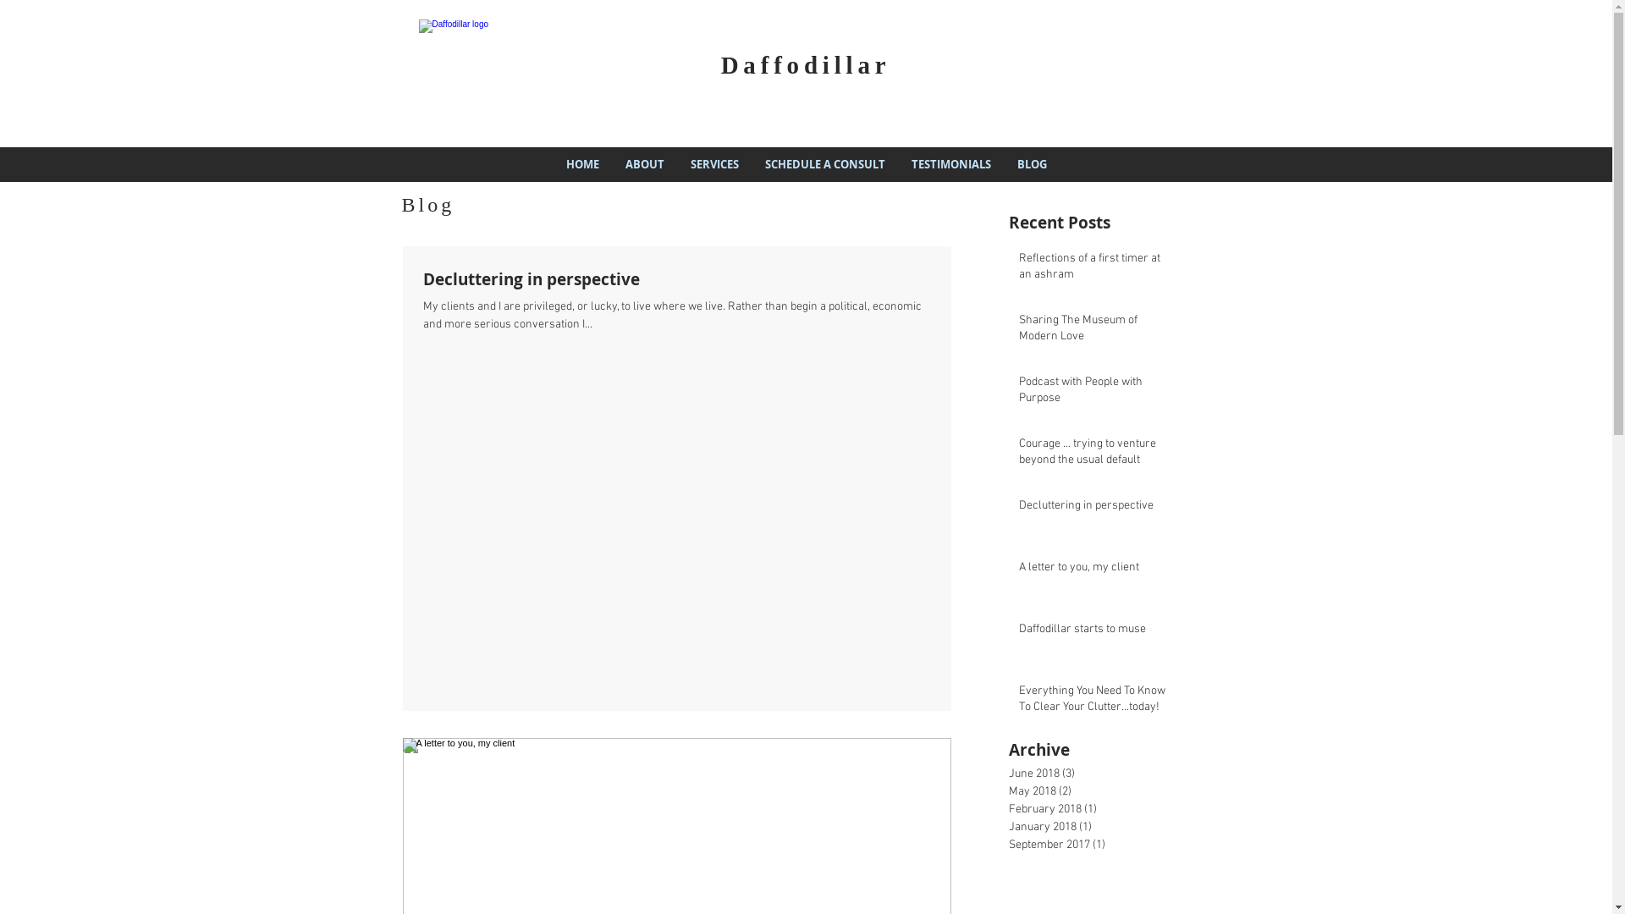  I want to click on 'January 2018 (1)', so click(1097, 826).